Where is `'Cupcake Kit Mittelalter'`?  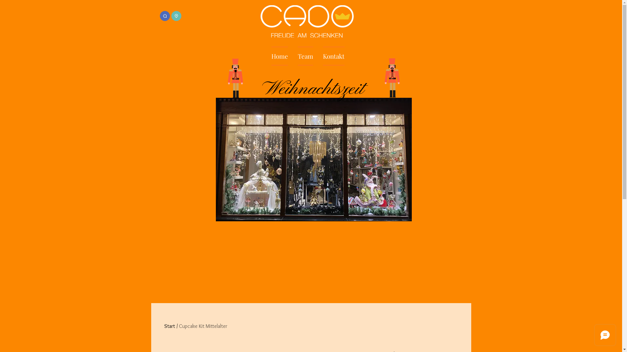
'Cupcake Kit Mittelalter' is located at coordinates (179, 326).